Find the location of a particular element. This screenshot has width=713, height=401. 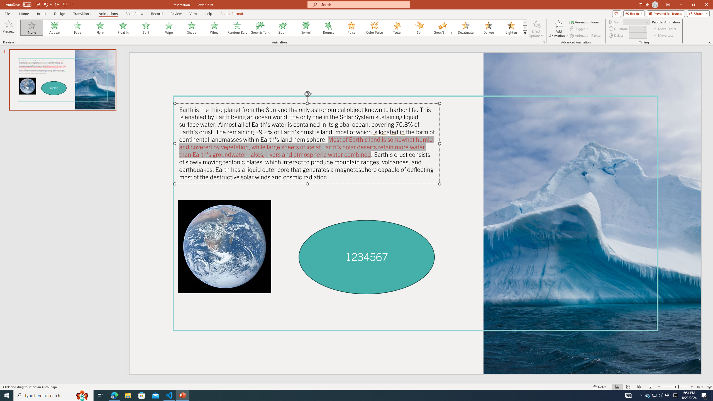

'Grow & Turn' is located at coordinates (260, 28).